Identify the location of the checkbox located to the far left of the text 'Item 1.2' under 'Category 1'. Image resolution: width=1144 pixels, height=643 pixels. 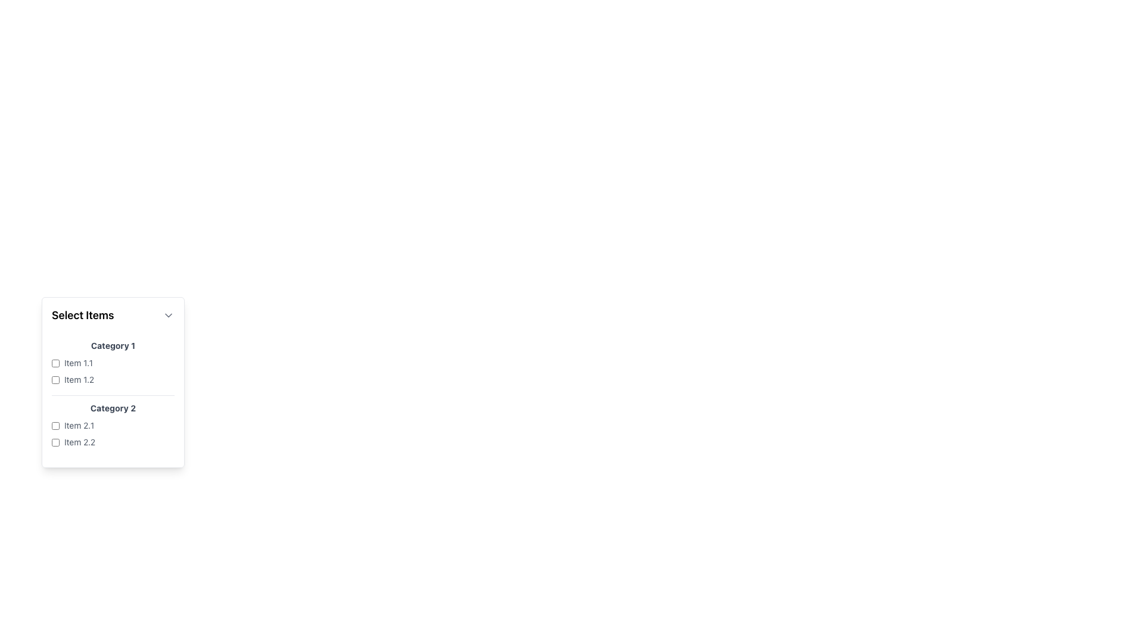
(55, 379).